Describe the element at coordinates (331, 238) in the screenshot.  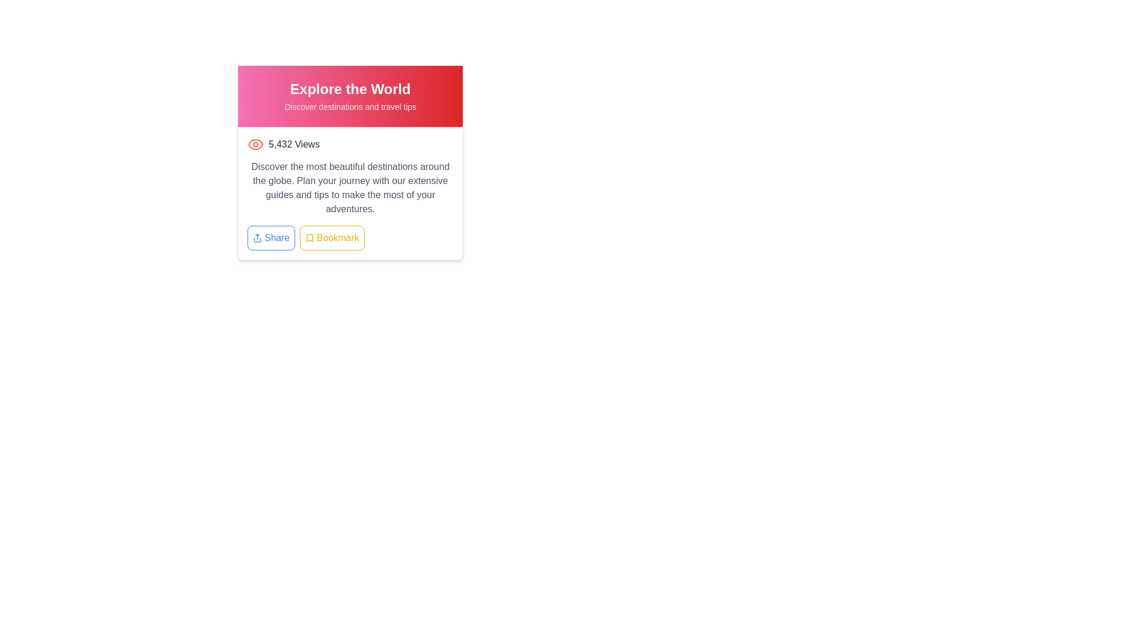
I see `the rectangular 'Bookmark' button with a yellow bookmark icon and text to trigger the visual hover effect` at that location.